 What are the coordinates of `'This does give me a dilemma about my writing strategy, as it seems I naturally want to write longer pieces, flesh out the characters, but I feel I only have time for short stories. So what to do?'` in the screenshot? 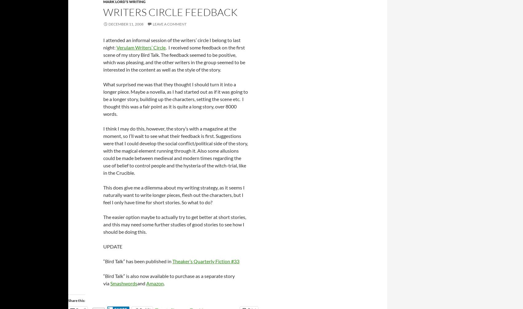 It's located at (173, 194).